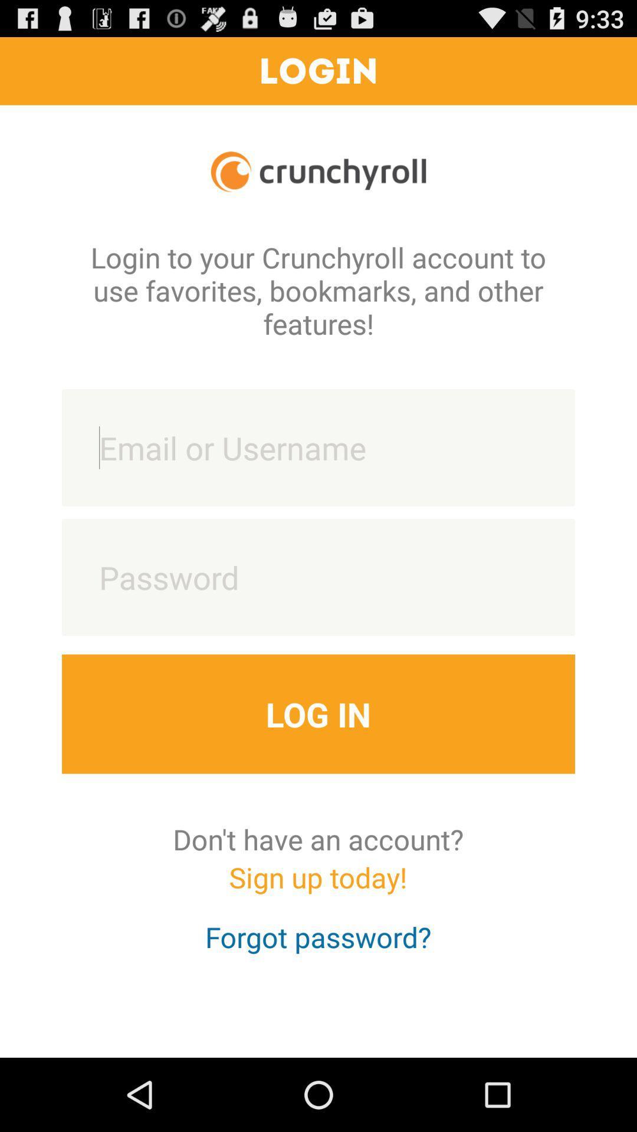 The image size is (637, 1132). Describe the element at coordinates (317, 888) in the screenshot. I see `the app below don t have icon` at that location.